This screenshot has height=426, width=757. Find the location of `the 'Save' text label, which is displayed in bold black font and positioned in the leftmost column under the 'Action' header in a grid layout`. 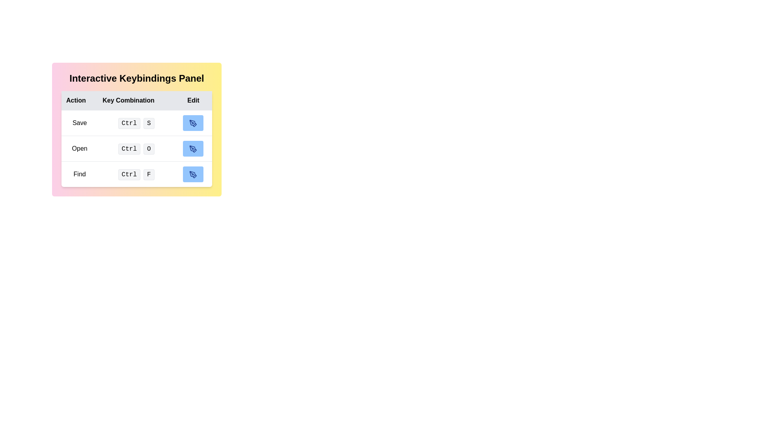

the 'Save' text label, which is displayed in bold black font and positioned in the leftmost column under the 'Action' header in a grid layout is located at coordinates (80, 123).